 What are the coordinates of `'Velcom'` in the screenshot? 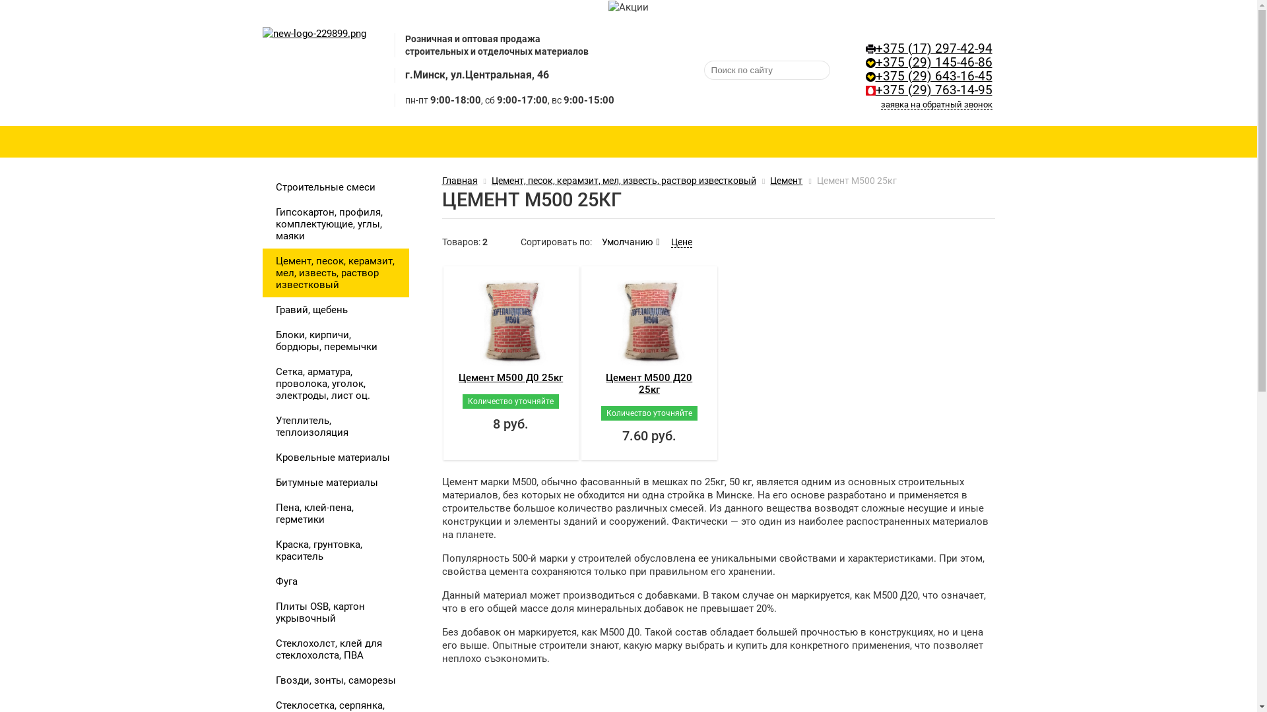 It's located at (865, 63).